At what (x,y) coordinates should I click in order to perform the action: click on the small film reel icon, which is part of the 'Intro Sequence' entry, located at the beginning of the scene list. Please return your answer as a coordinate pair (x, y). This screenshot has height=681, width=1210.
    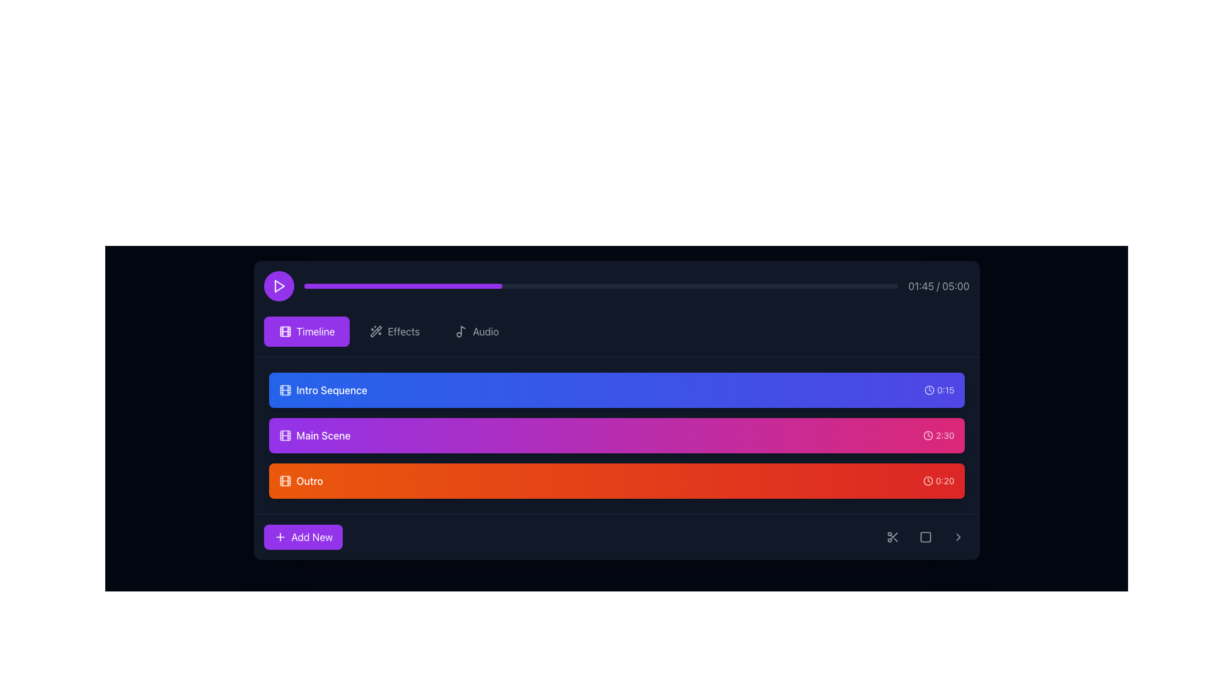
    Looking at the image, I should click on (284, 389).